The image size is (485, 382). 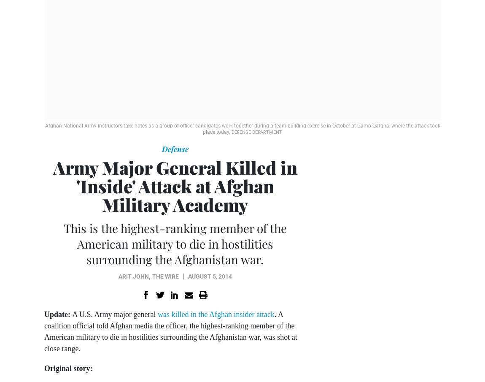 I want to click on 'The Wire', so click(x=165, y=276).